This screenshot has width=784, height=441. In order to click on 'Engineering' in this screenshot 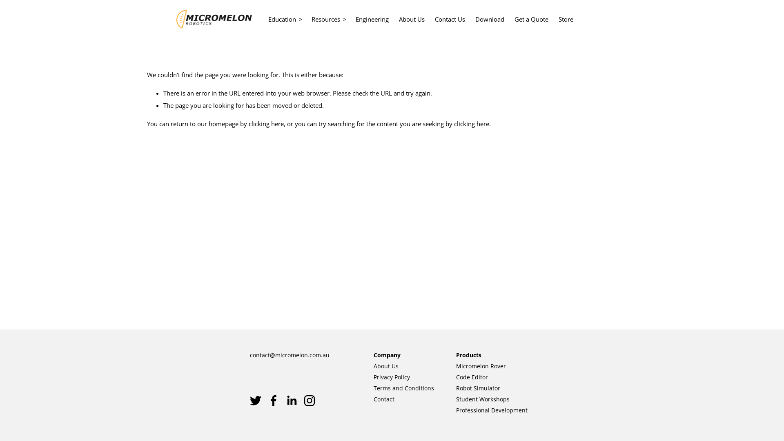, I will do `click(355, 19)`.